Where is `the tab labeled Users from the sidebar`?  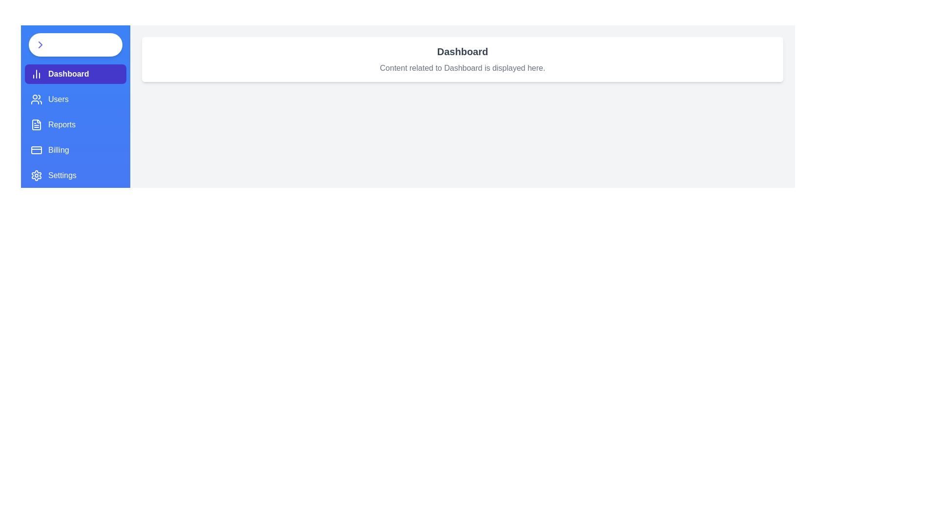
the tab labeled Users from the sidebar is located at coordinates (75, 100).